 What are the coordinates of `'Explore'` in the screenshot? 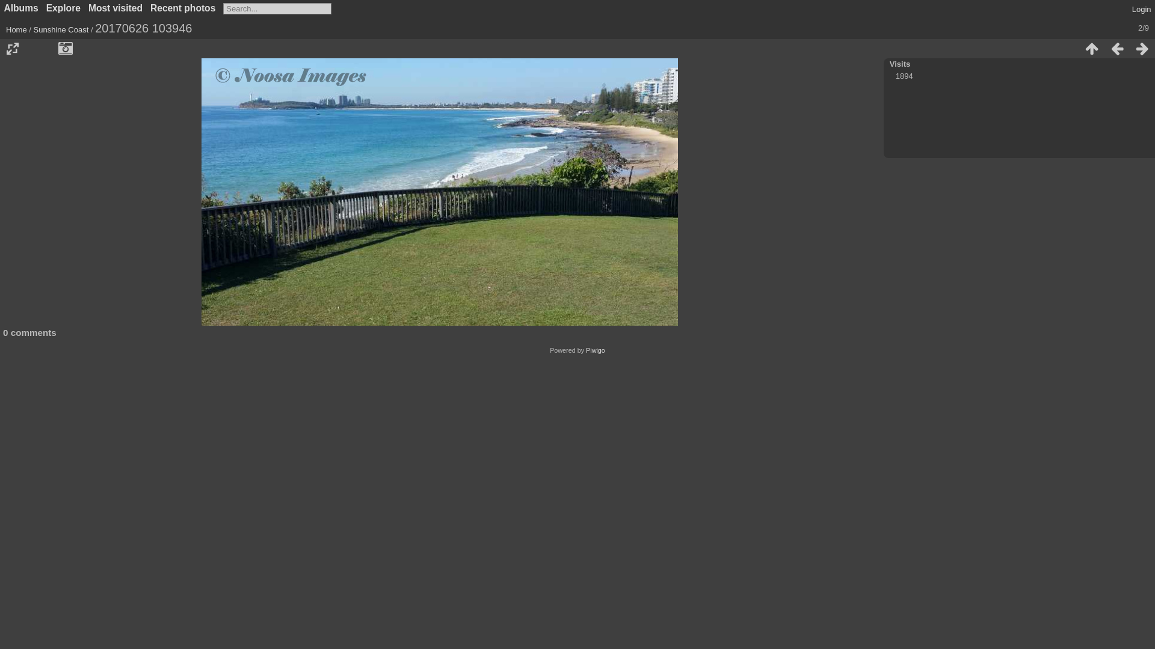 It's located at (63, 8).